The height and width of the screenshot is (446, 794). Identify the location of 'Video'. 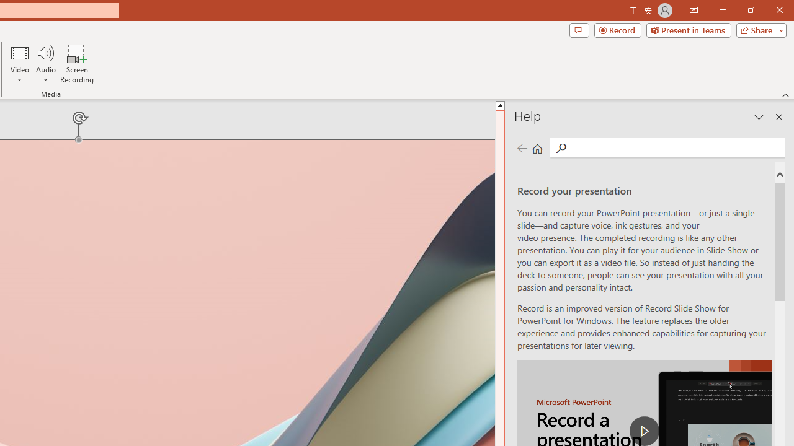
(20, 64).